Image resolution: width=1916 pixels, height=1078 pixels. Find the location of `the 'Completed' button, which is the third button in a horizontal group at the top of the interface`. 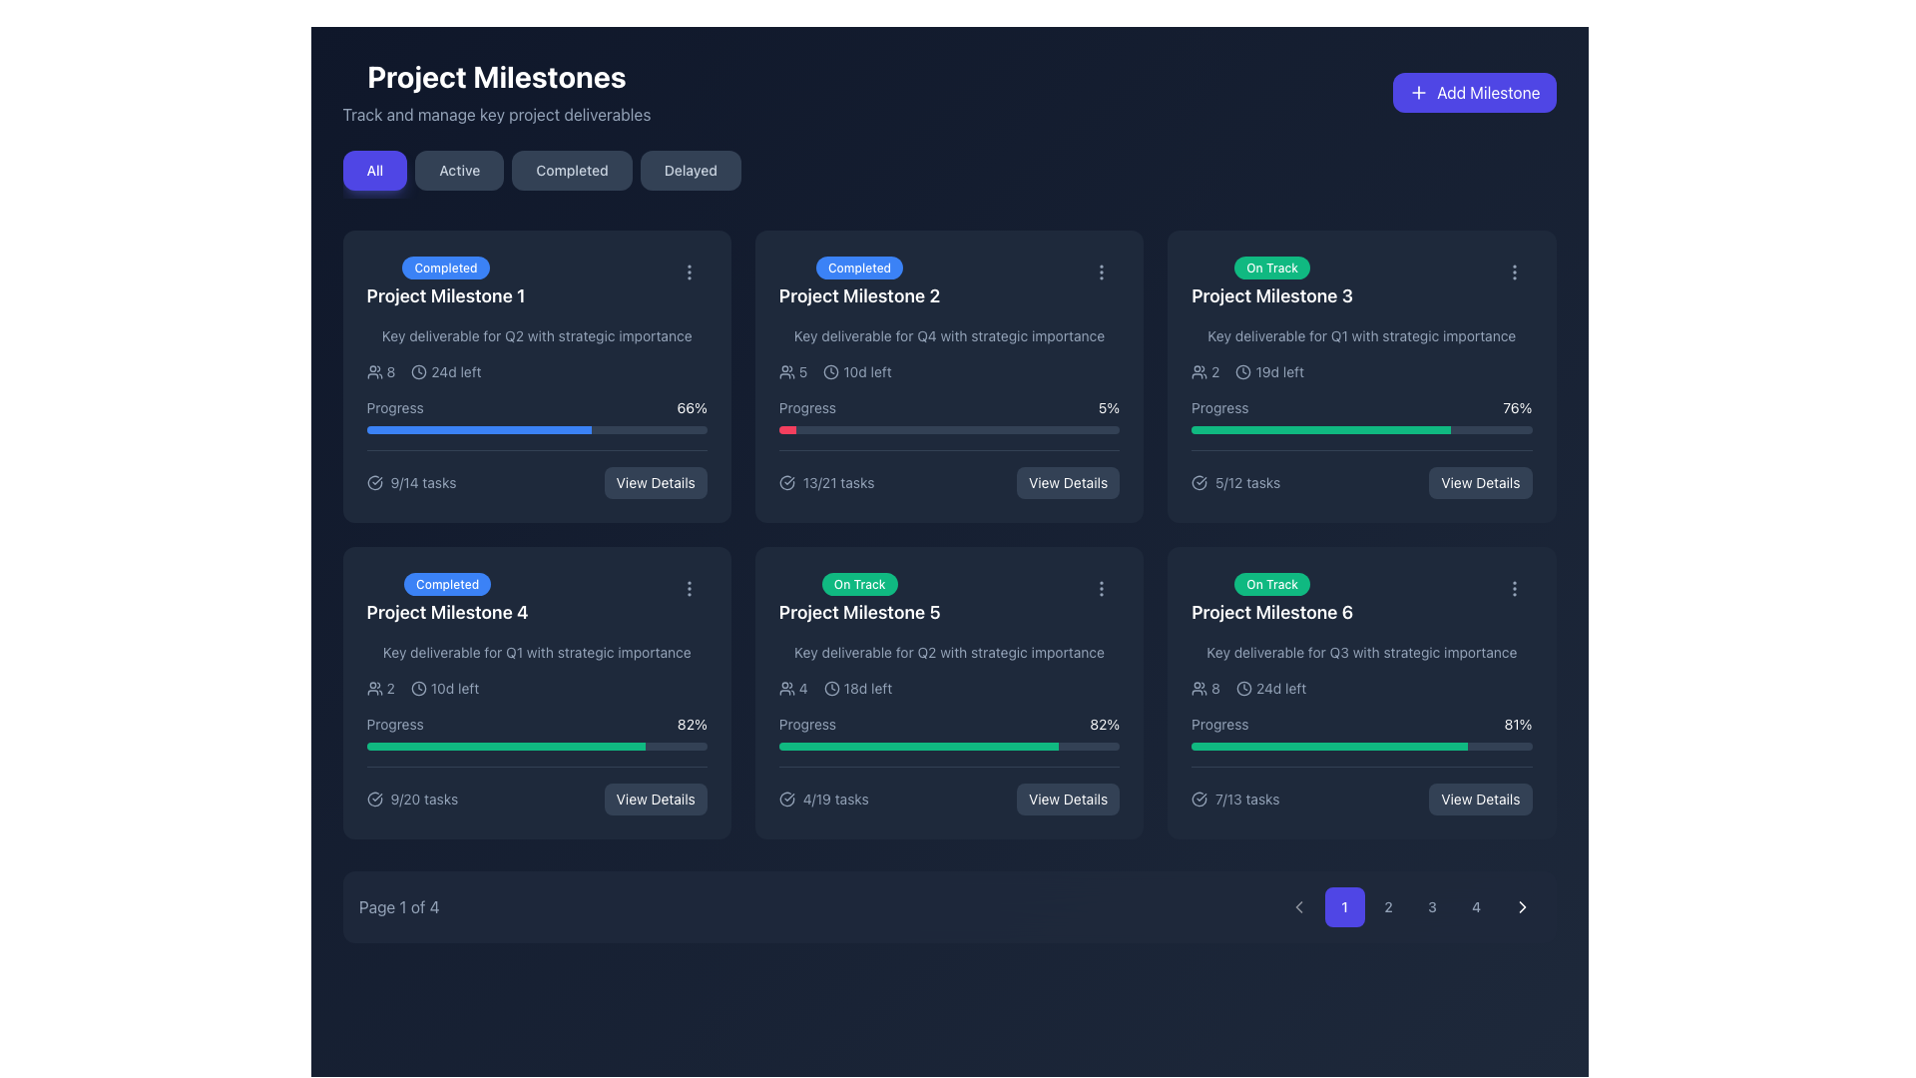

the 'Completed' button, which is the third button in a horizontal group at the top of the interface is located at coordinates (571, 169).